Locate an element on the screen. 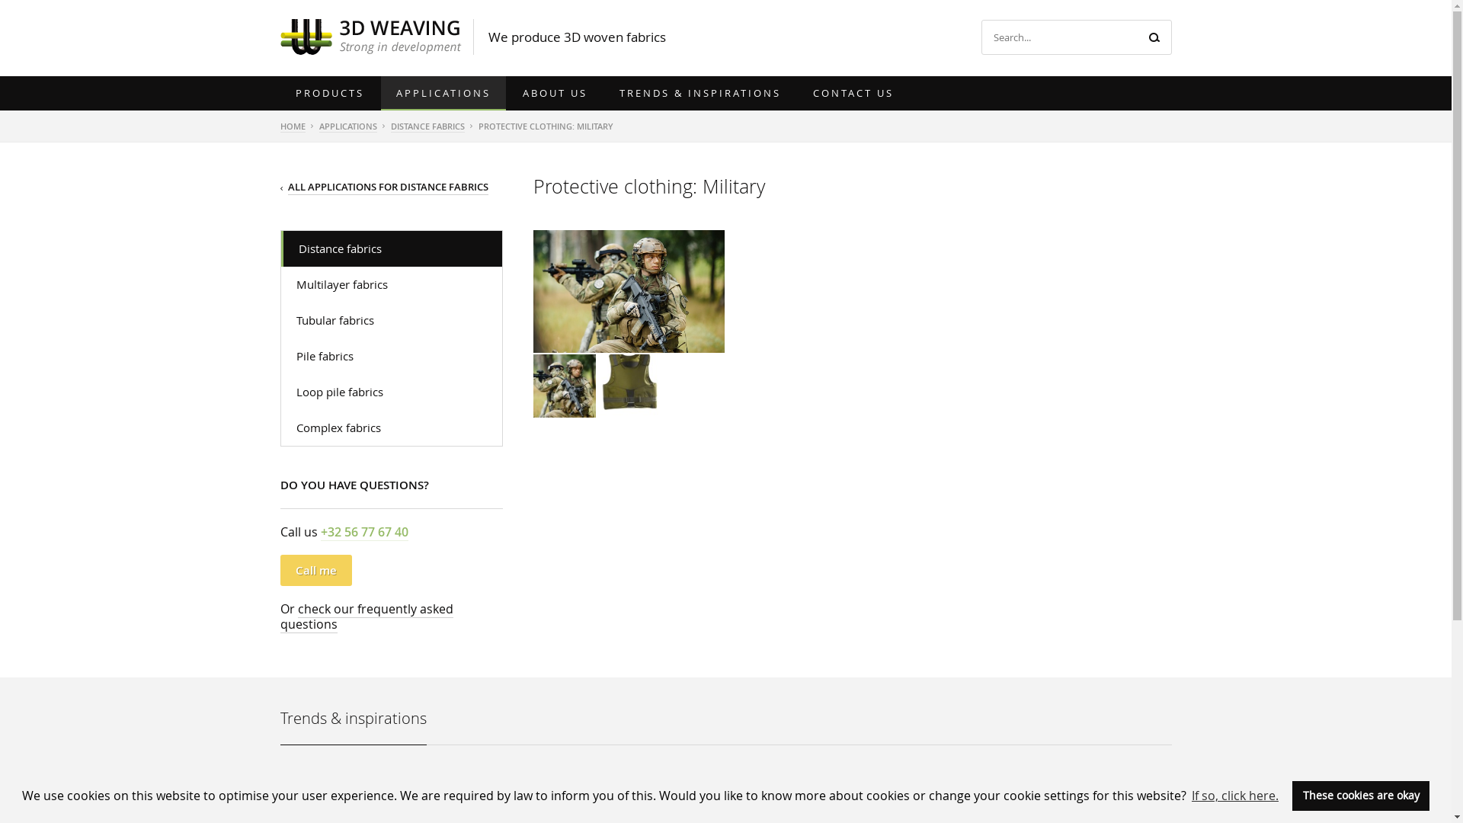  'ABOUT US' is located at coordinates (554, 93).